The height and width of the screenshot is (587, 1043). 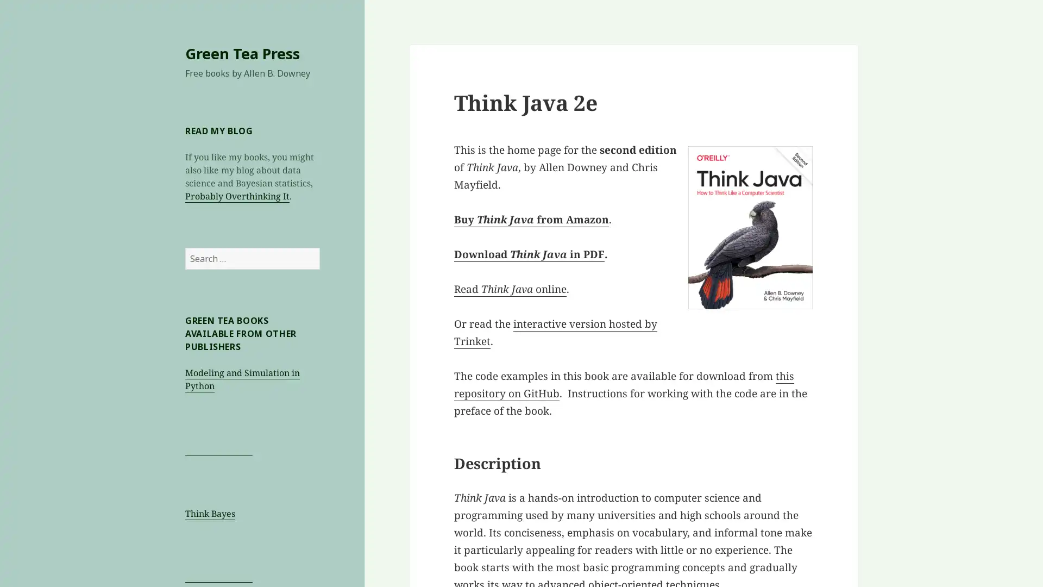 I want to click on Search, so click(x=319, y=247).